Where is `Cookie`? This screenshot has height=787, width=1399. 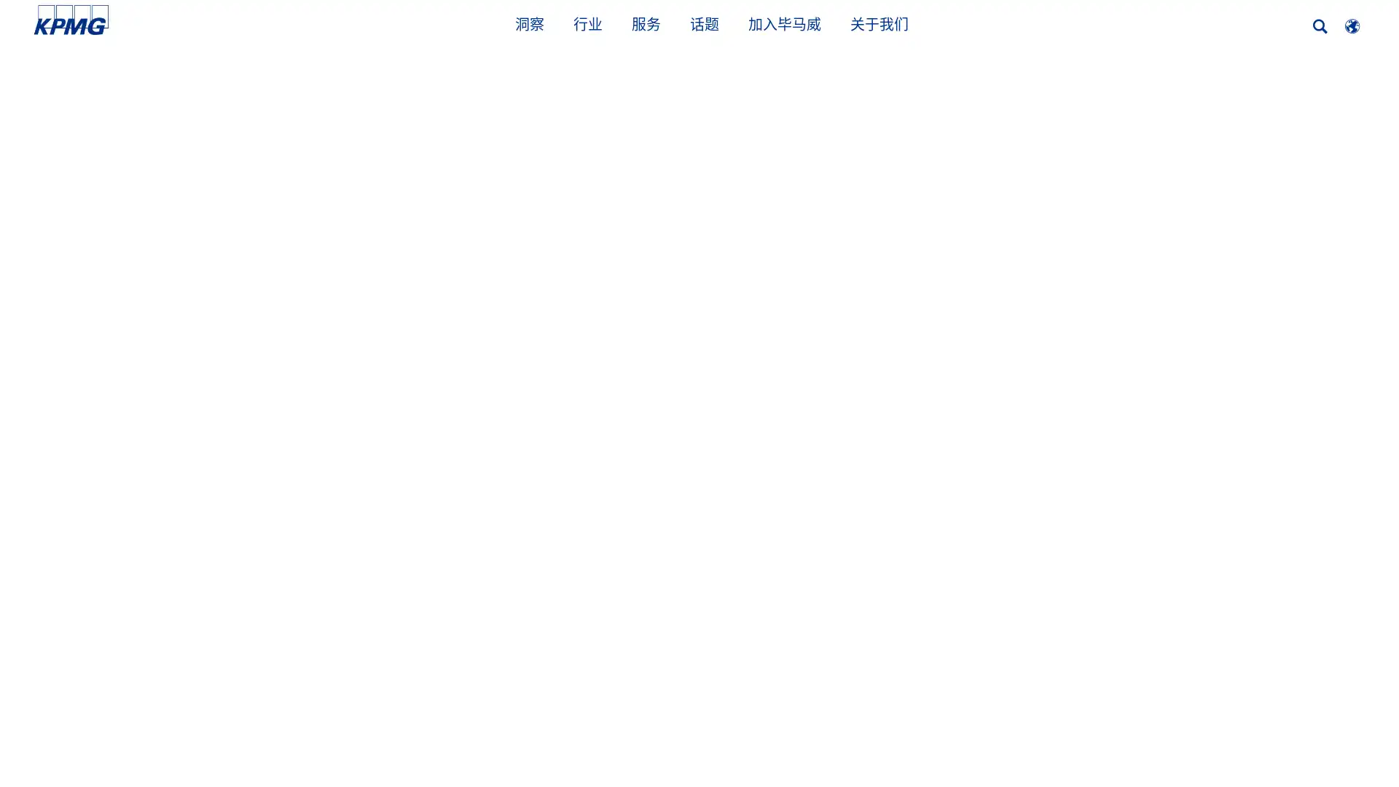 Cookie is located at coordinates (1019, 738).